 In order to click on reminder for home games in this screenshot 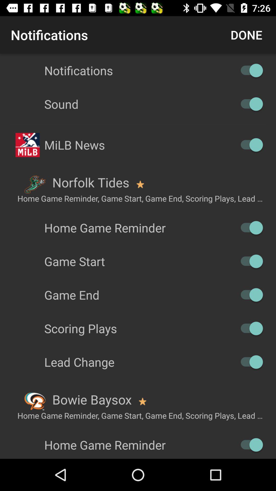, I will do `click(249, 444)`.